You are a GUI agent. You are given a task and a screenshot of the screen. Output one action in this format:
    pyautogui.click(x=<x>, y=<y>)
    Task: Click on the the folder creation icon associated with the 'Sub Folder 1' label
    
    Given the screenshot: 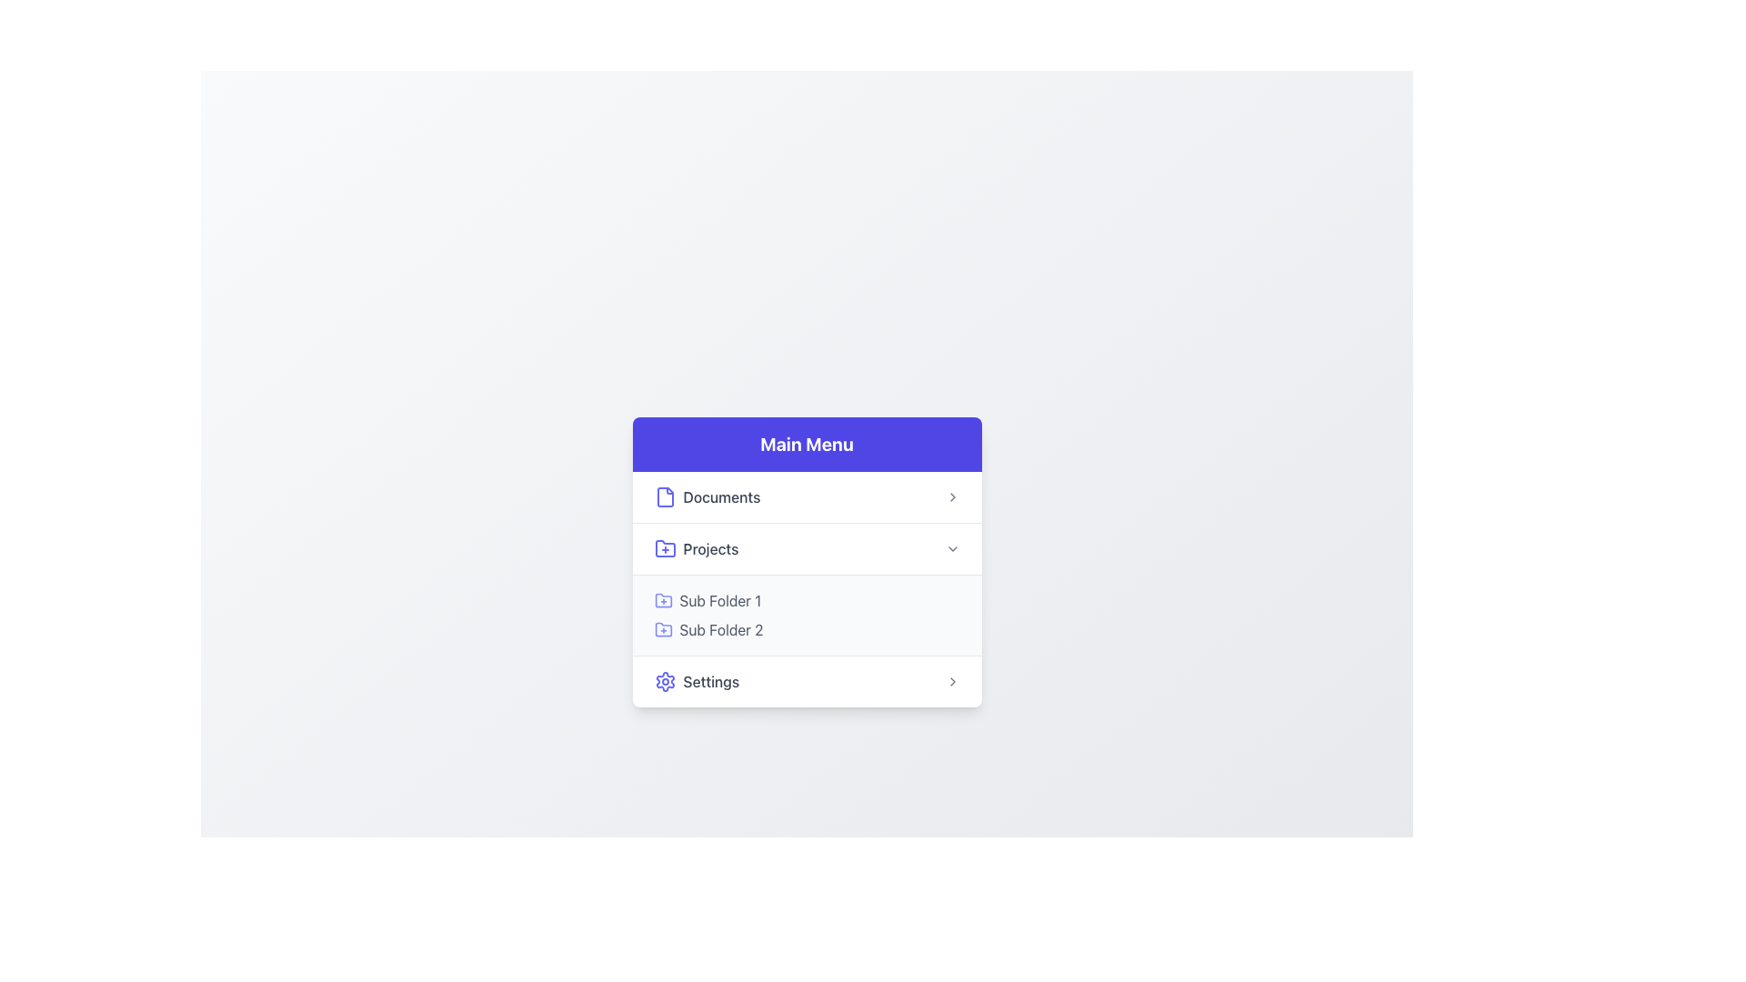 What is the action you would take?
    pyautogui.click(x=662, y=600)
    